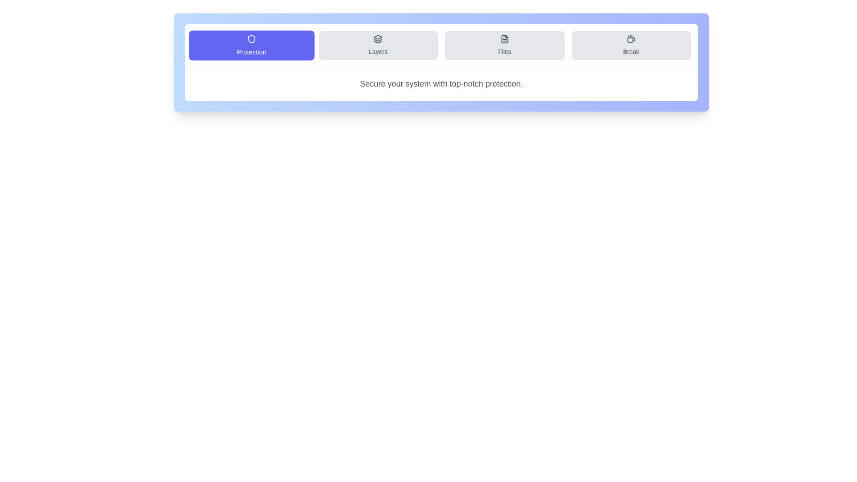  Describe the element at coordinates (378, 45) in the screenshot. I see `the tab labeled Layers to switch to it` at that location.